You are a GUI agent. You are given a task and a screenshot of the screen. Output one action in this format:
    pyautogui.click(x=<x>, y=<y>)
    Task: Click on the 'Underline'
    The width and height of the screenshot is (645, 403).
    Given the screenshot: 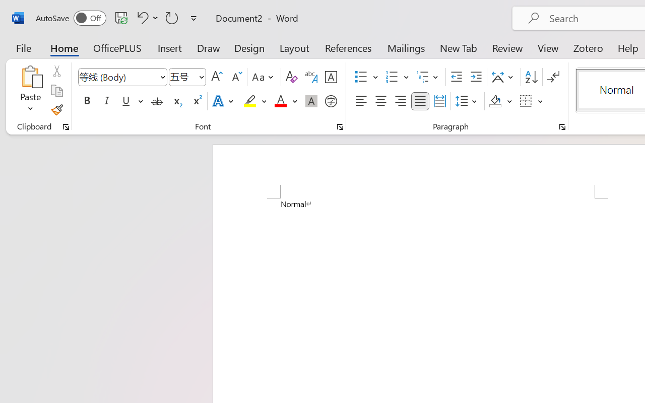 What is the action you would take?
    pyautogui.click(x=125, y=101)
    